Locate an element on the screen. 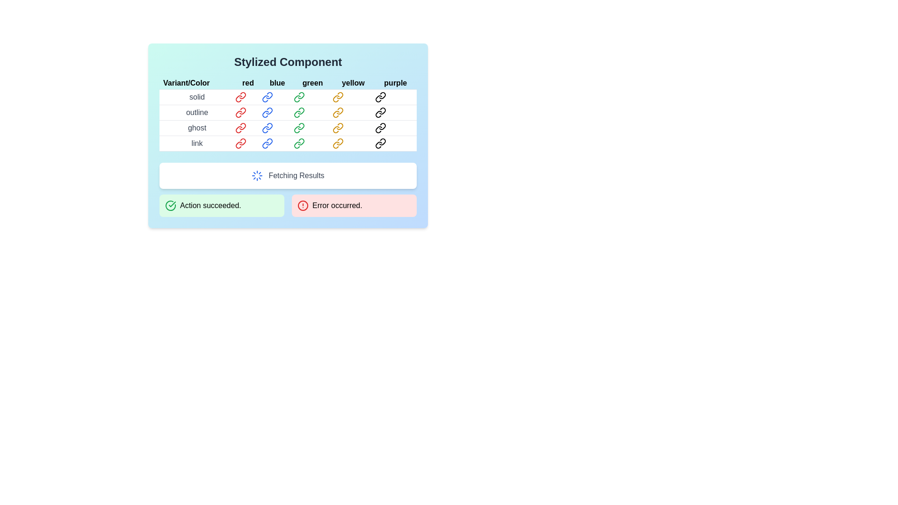  the text label displaying 'purple' in lowercase, styled with a black font on a light blue background, which is the last item in a list of color names is located at coordinates (395, 83).